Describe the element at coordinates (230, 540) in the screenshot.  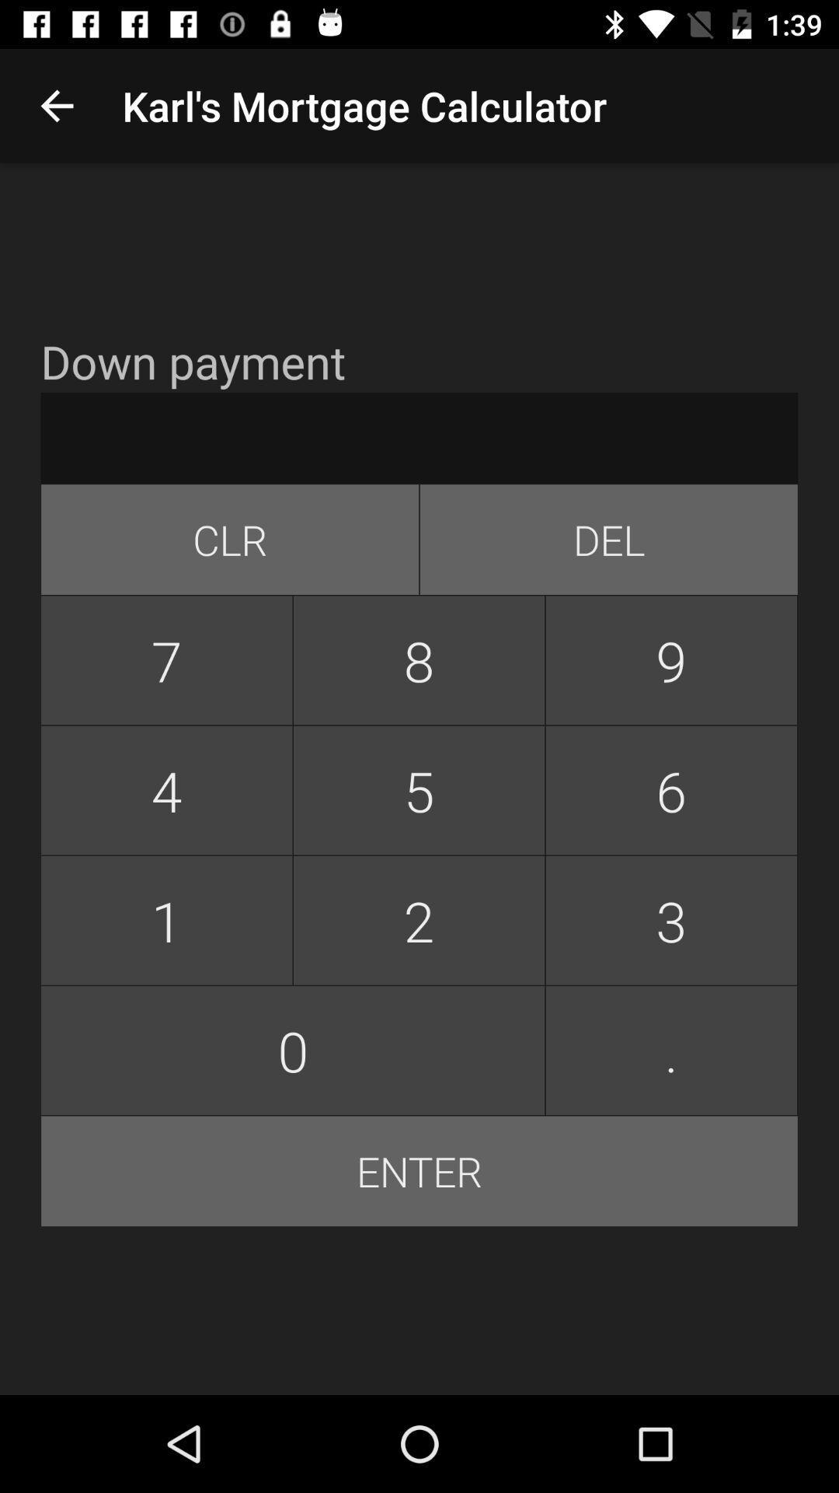
I see `the button to the left of del button` at that location.